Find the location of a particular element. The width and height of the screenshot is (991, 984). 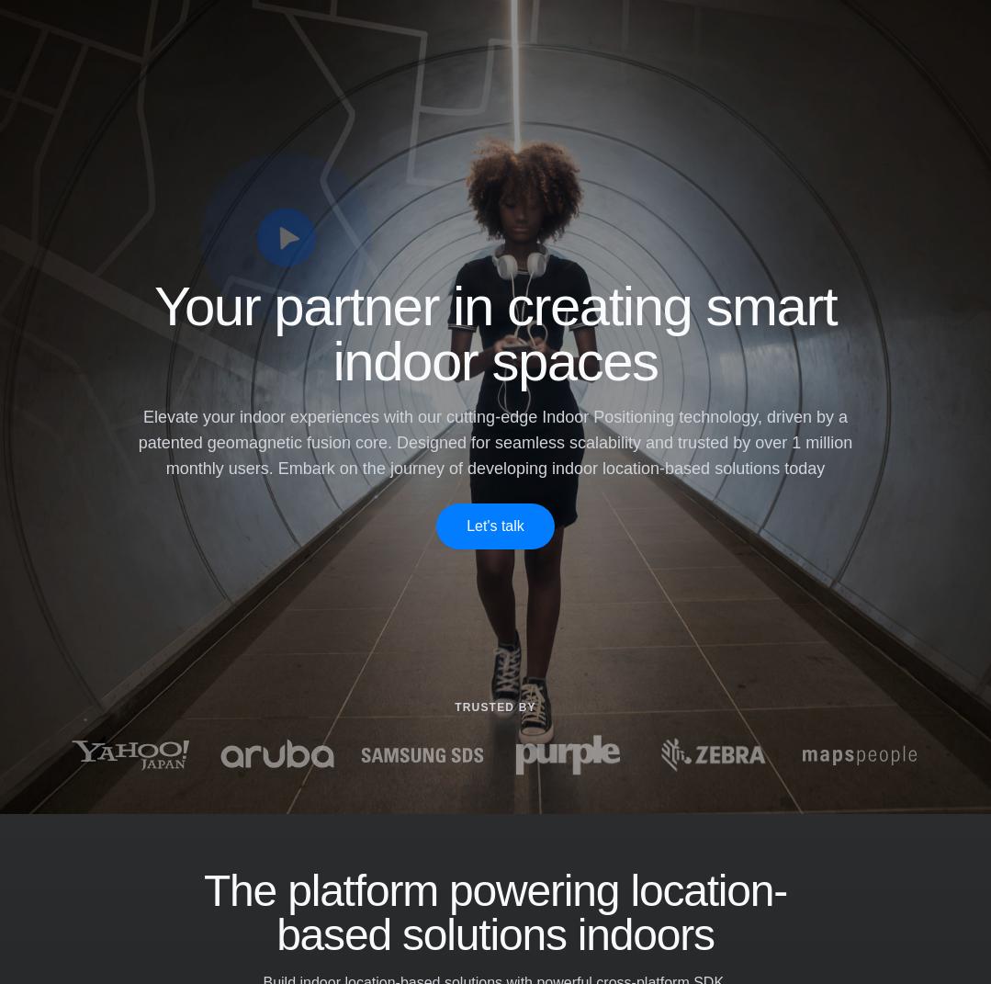

'Products' is located at coordinates (290, 40).